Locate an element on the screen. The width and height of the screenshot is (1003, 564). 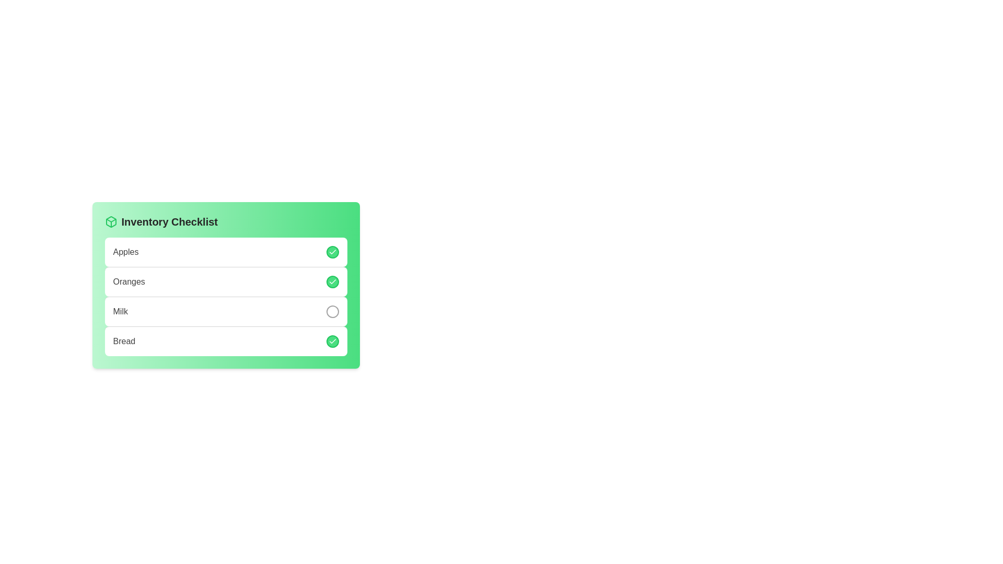
the checklist item labeled 'Bread' is located at coordinates (225, 341).